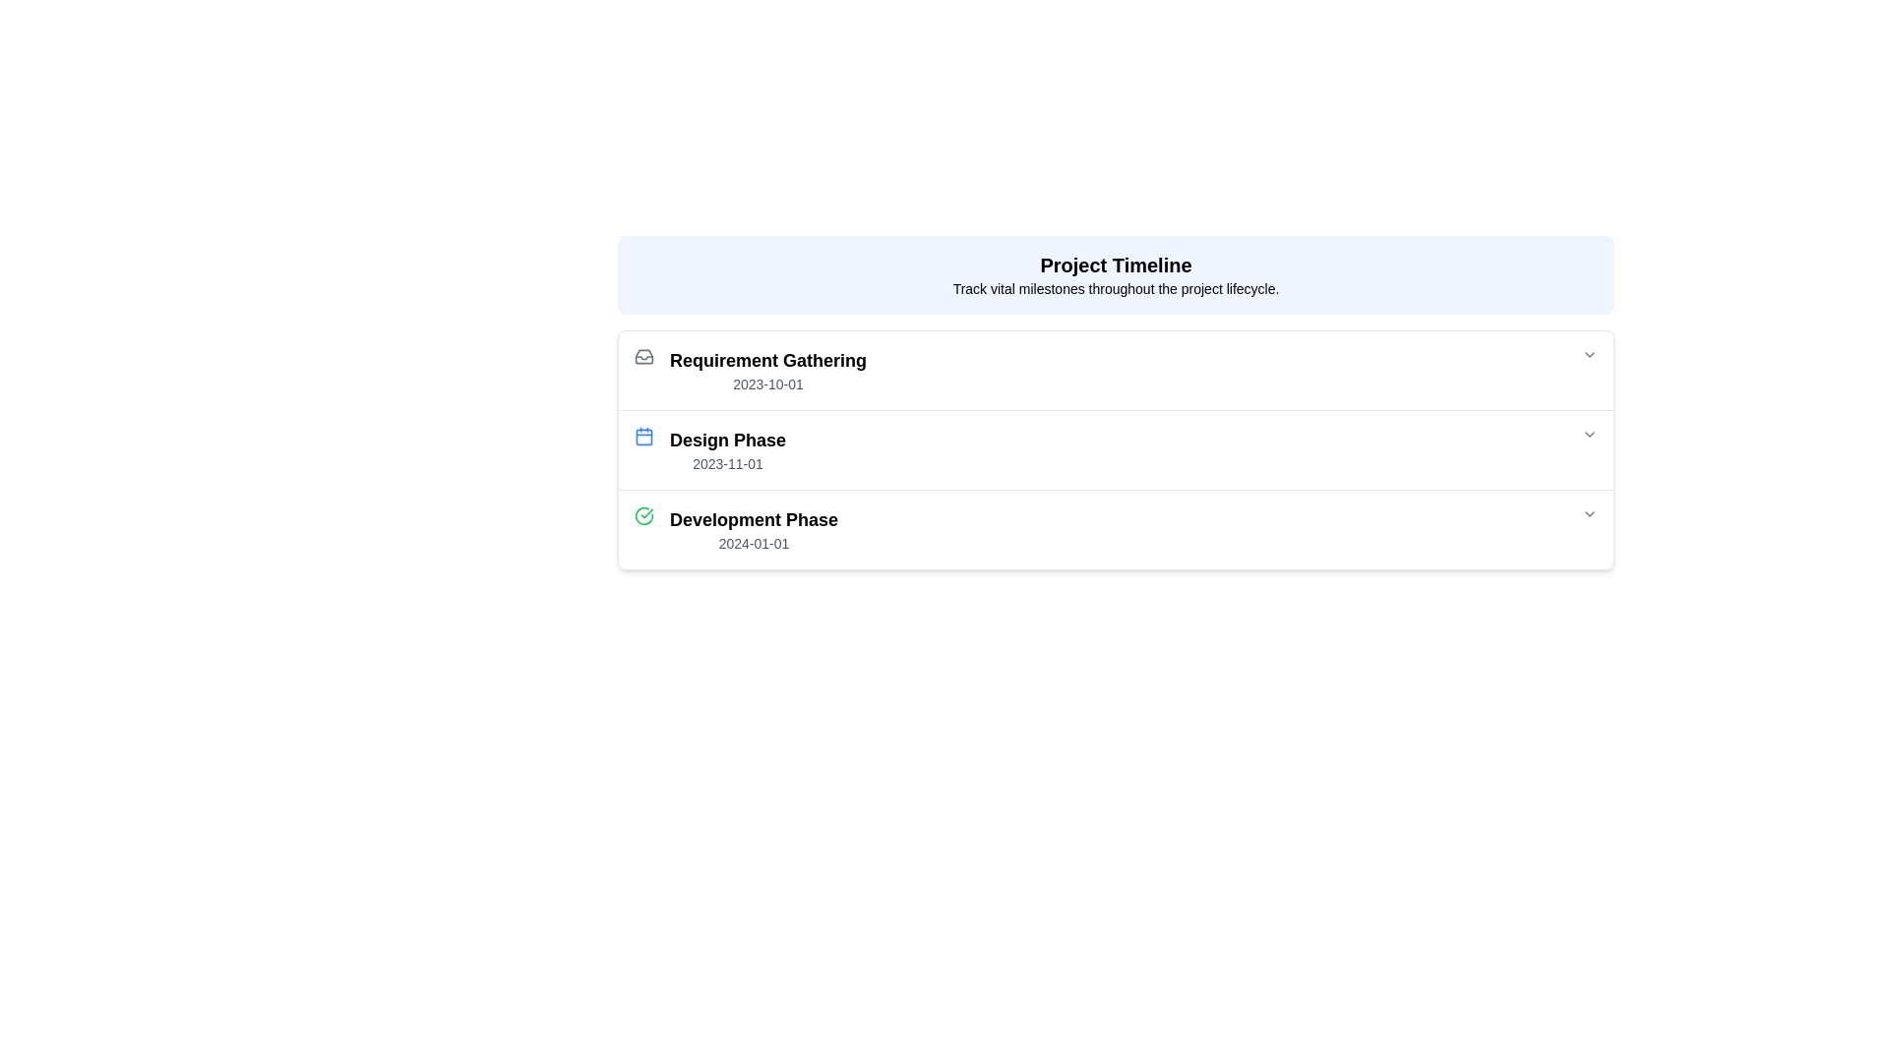  I want to click on the first text block in the vertical list under the 'Project Timeline' heading, which represents a milestone or project phase, so click(767, 371).